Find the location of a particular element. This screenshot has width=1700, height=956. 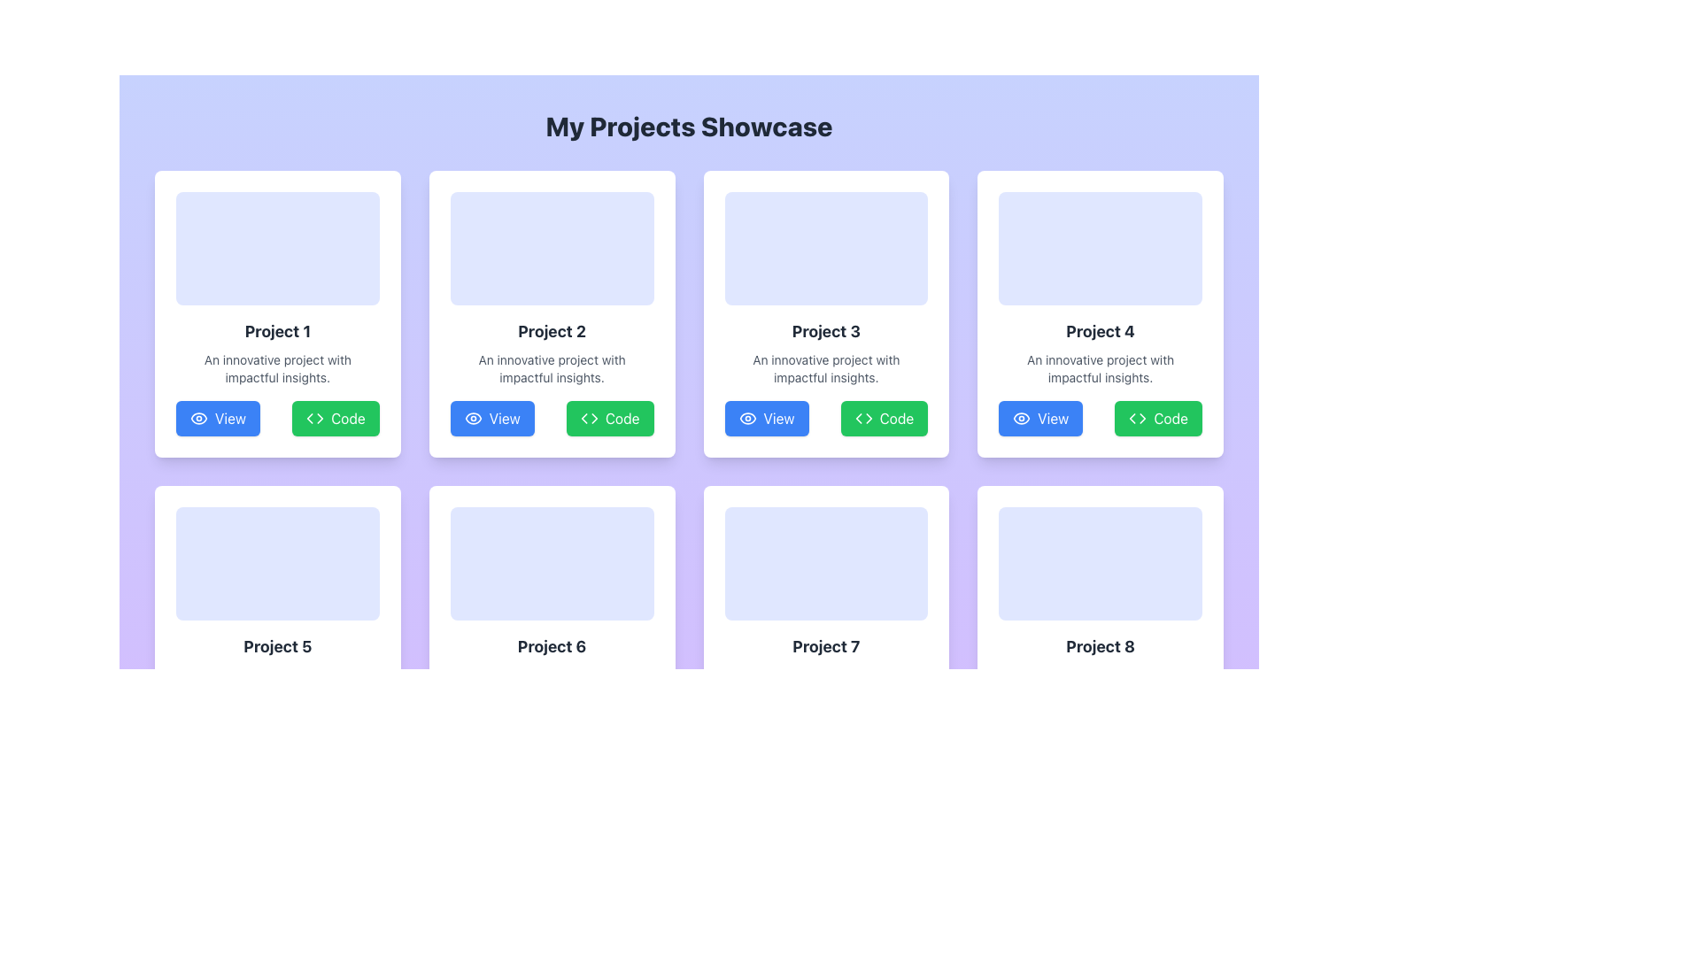

the 'View' icon located below the 'Project 2' card in the second column of the first row in a grid layout is located at coordinates (473, 419).